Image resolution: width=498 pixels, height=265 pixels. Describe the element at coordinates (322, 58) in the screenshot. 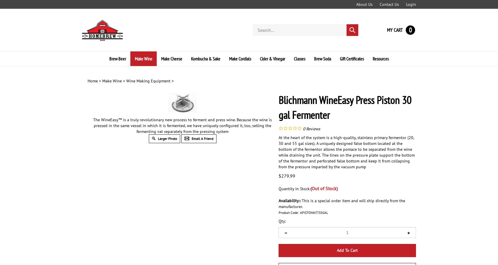

I see `'Brew Soda'` at that location.